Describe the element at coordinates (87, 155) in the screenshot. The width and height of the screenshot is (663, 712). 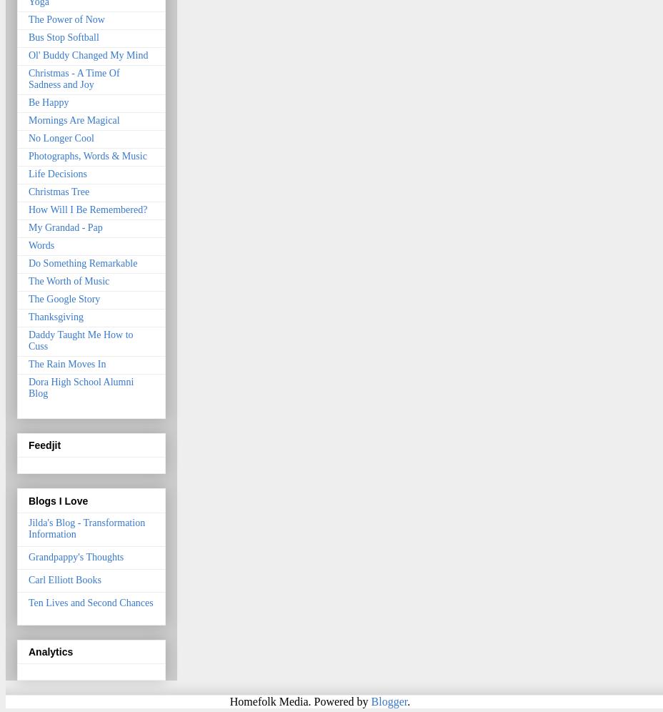
I see `'Photographs, Words & Music'` at that location.